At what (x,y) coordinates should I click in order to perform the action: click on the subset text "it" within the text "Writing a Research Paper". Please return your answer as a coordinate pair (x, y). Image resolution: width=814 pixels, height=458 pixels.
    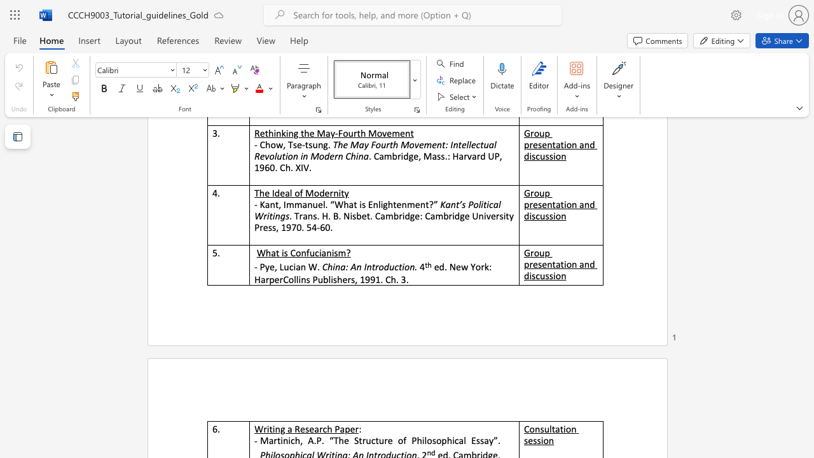
    Looking at the image, I should click on (266, 429).